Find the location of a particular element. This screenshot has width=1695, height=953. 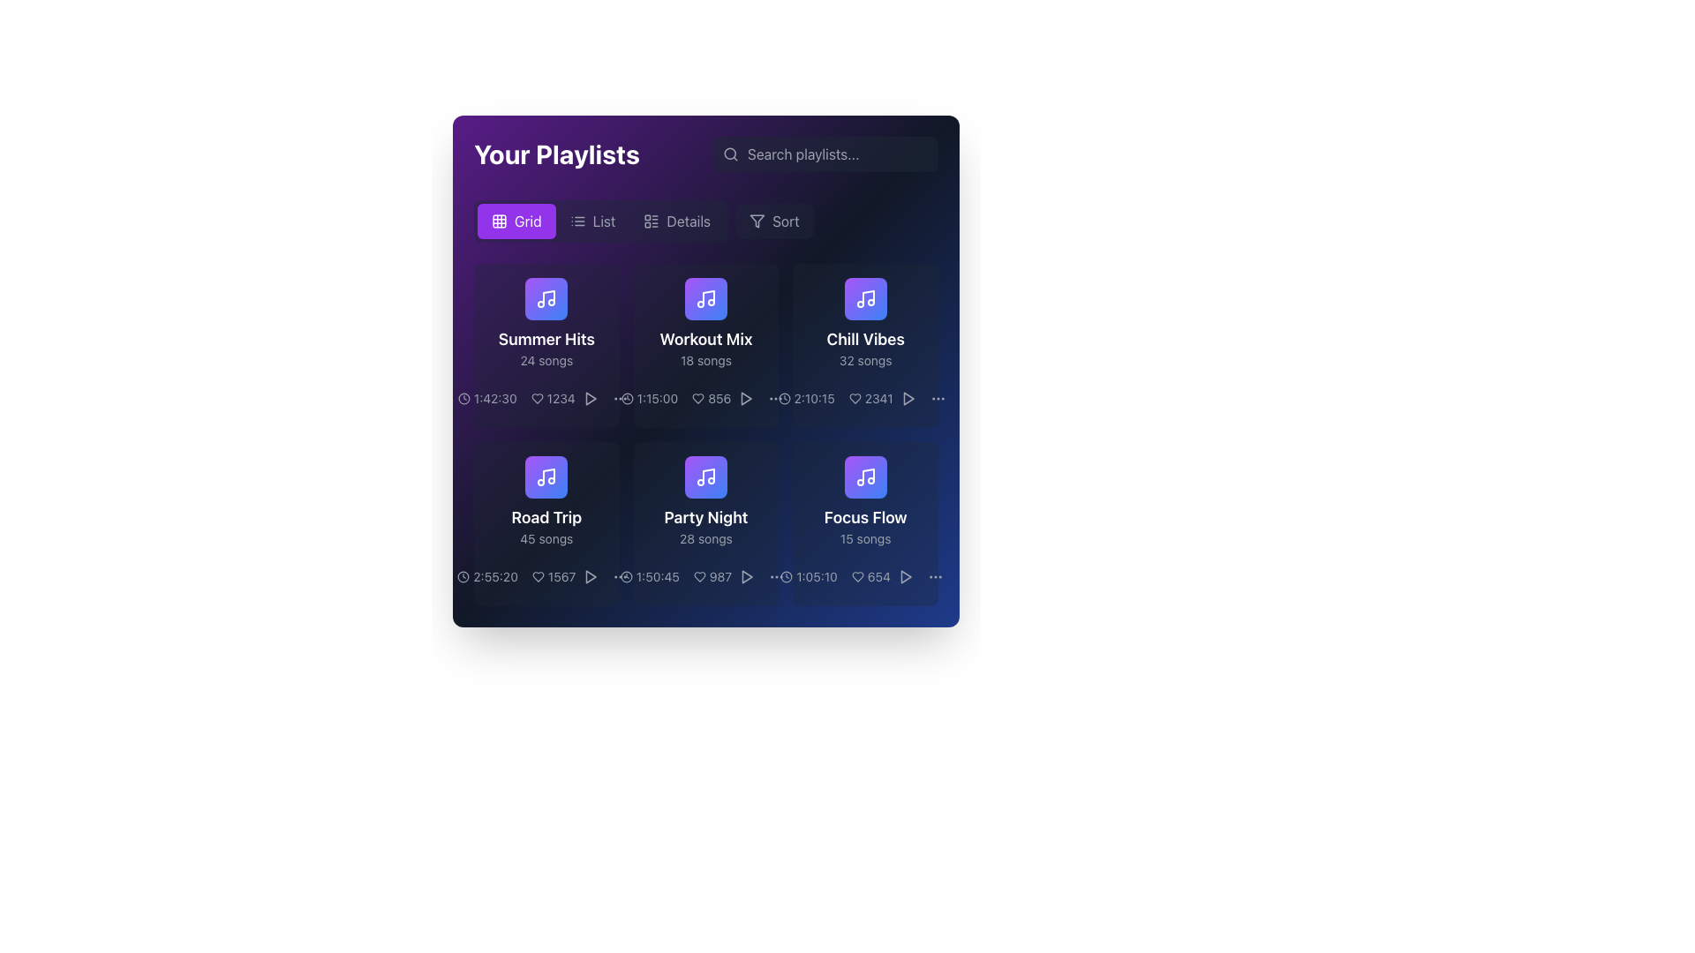

the musical note icon located in the 'Focus Flow' playlist section at the bottom right corner of the grid layout to interact with its associated functionality is located at coordinates (865, 476).